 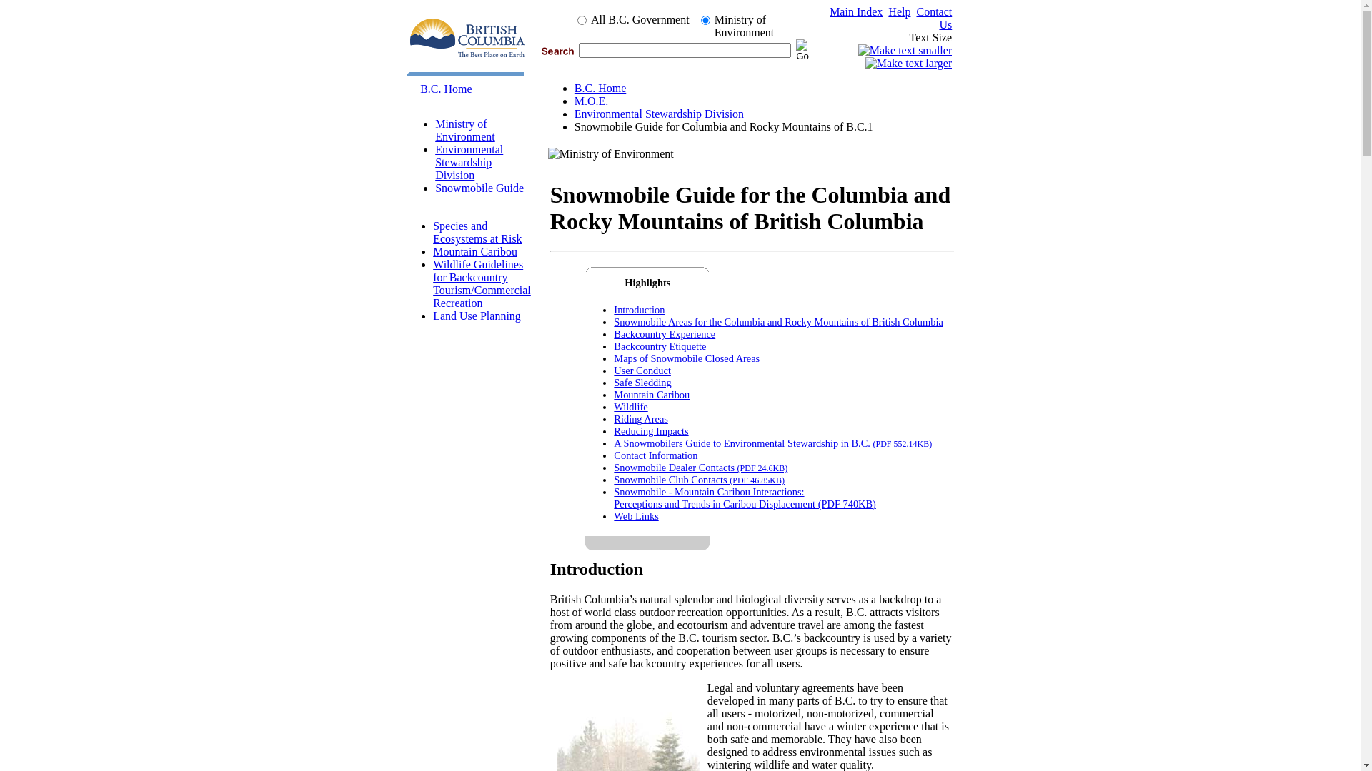 I want to click on 'Ministry of, so click(x=465, y=130).